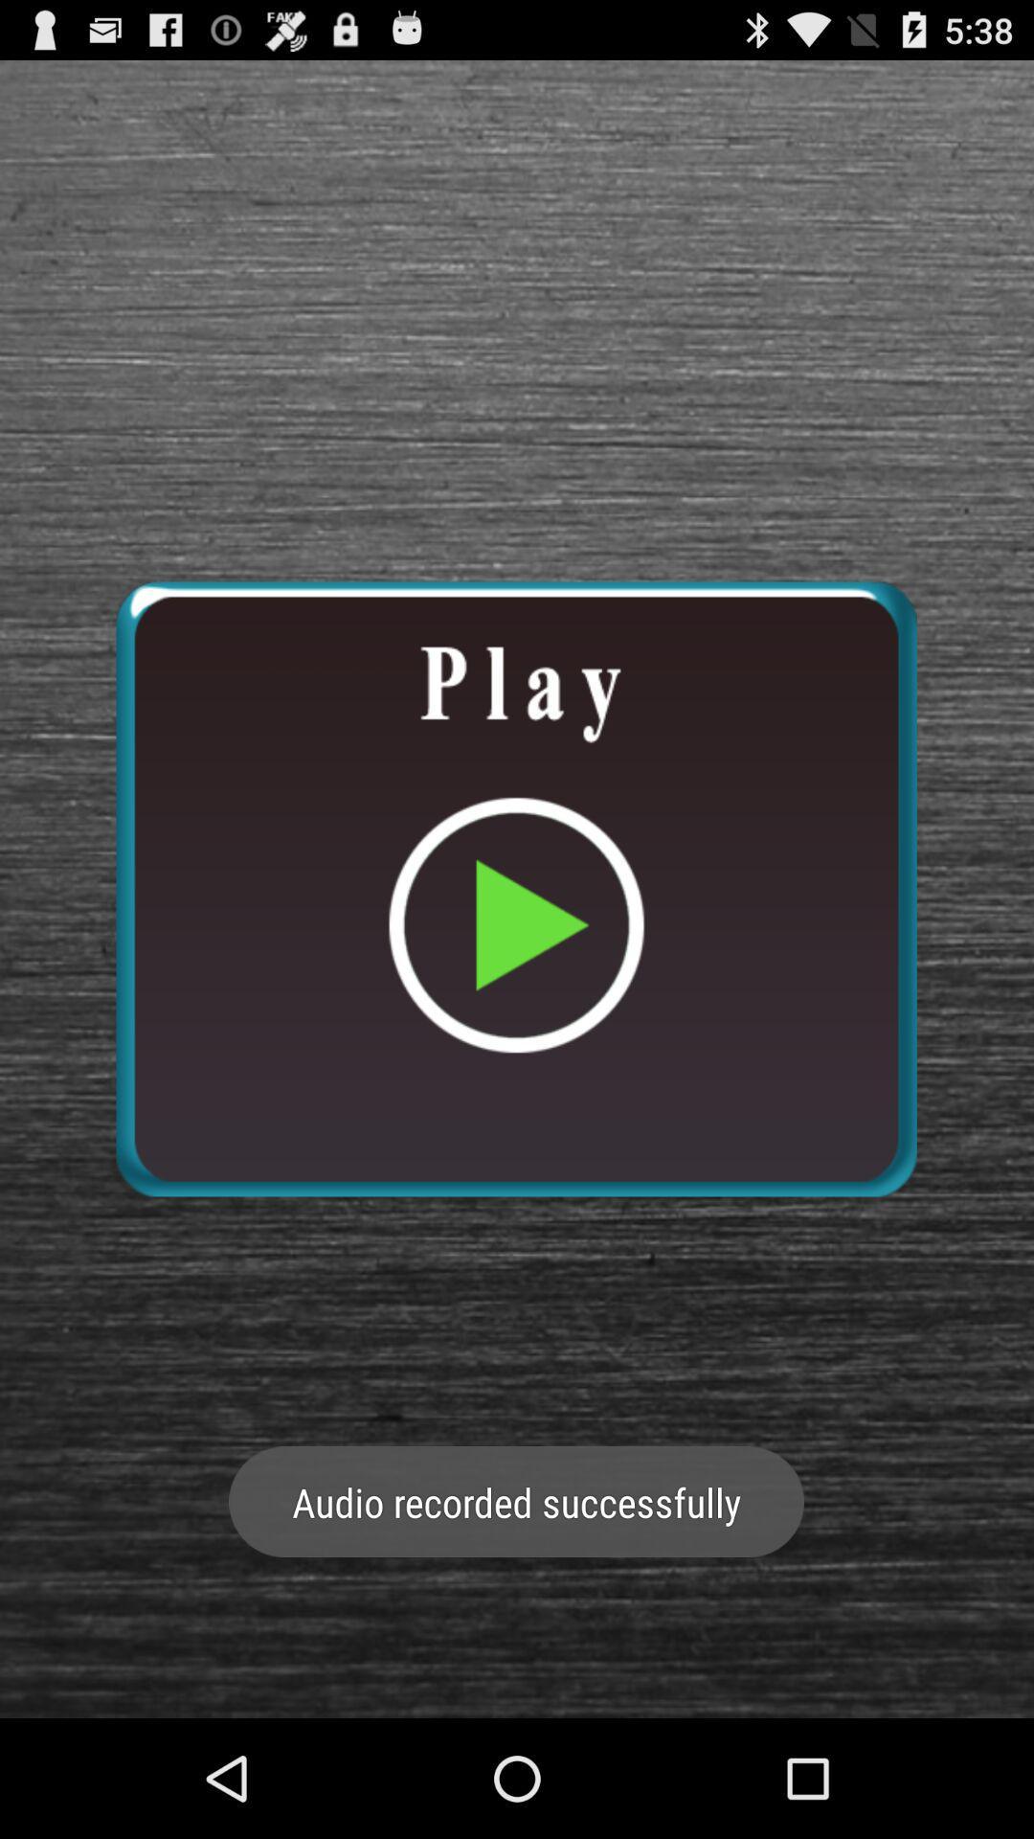 The image size is (1034, 1839). Describe the element at coordinates (515, 888) in the screenshot. I see `the audio` at that location.